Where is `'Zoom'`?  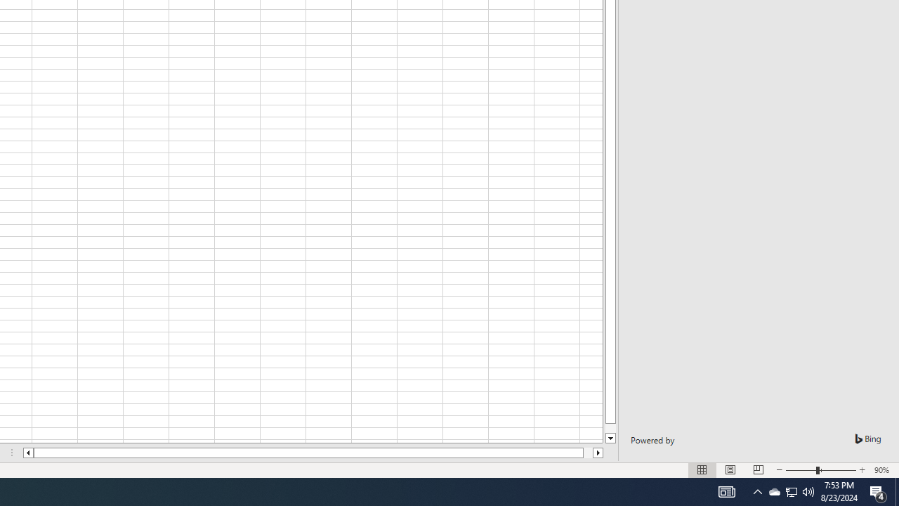 'Zoom' is located at coordinates (820, 470).